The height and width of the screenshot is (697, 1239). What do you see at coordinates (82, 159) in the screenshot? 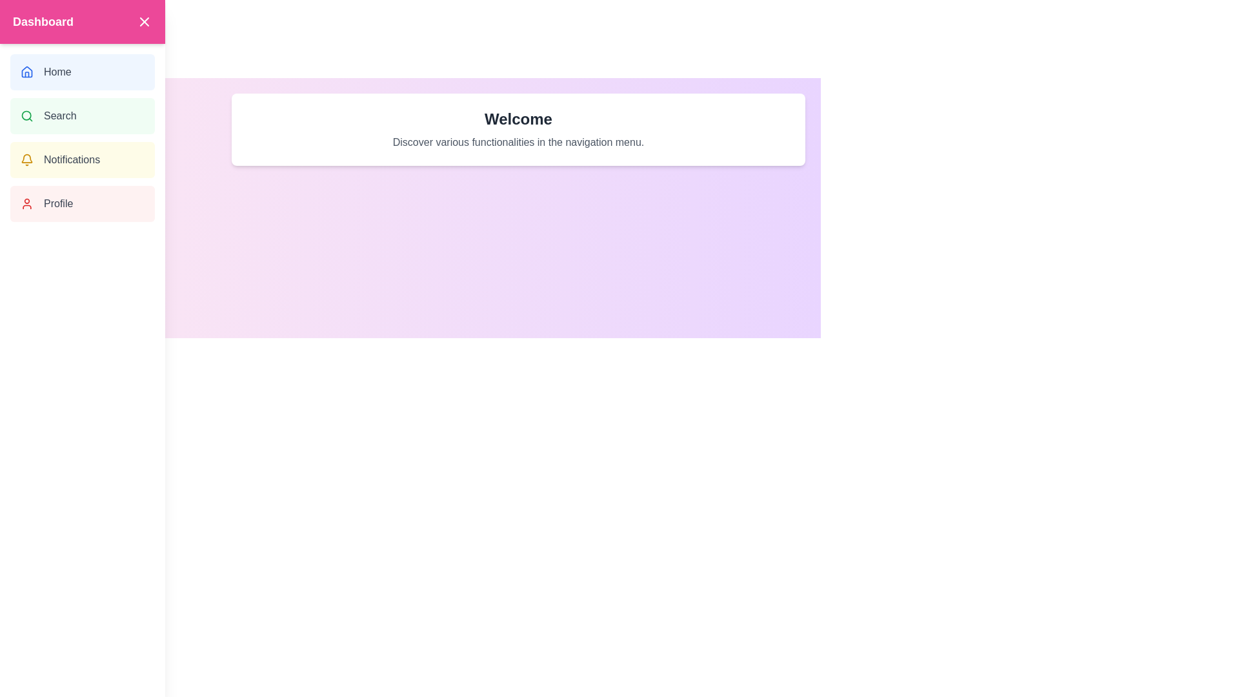
I see `the third button in the vertical navigation menu located in the left sidebar` at bounding box center [82, 159].